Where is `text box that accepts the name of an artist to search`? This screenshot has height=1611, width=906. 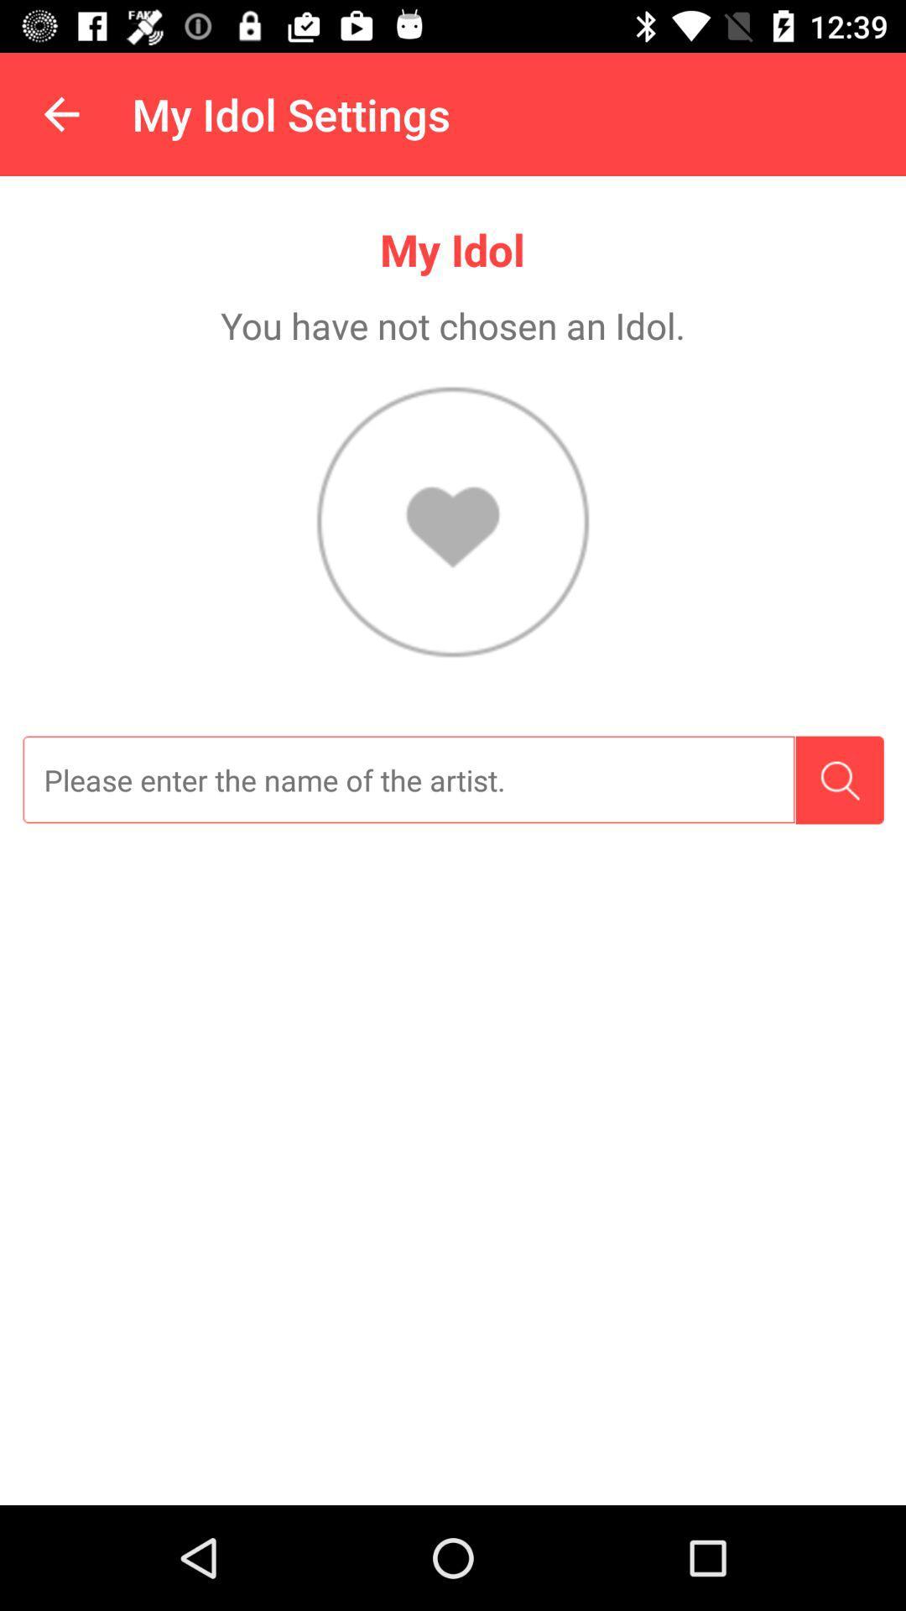 text box that accepts the name of an artist to search is located at coordinates (409, 779).